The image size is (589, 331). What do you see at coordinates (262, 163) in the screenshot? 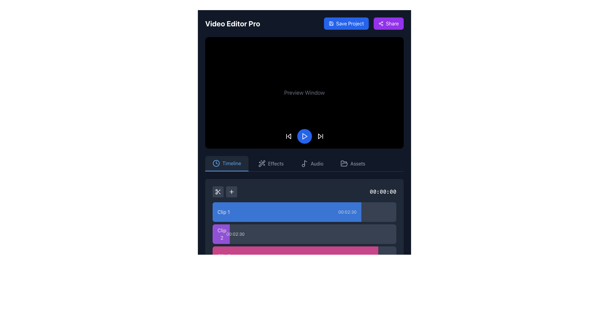
I see `the wand sparkles icon in the toolbar` at bounding box center [262, 163].